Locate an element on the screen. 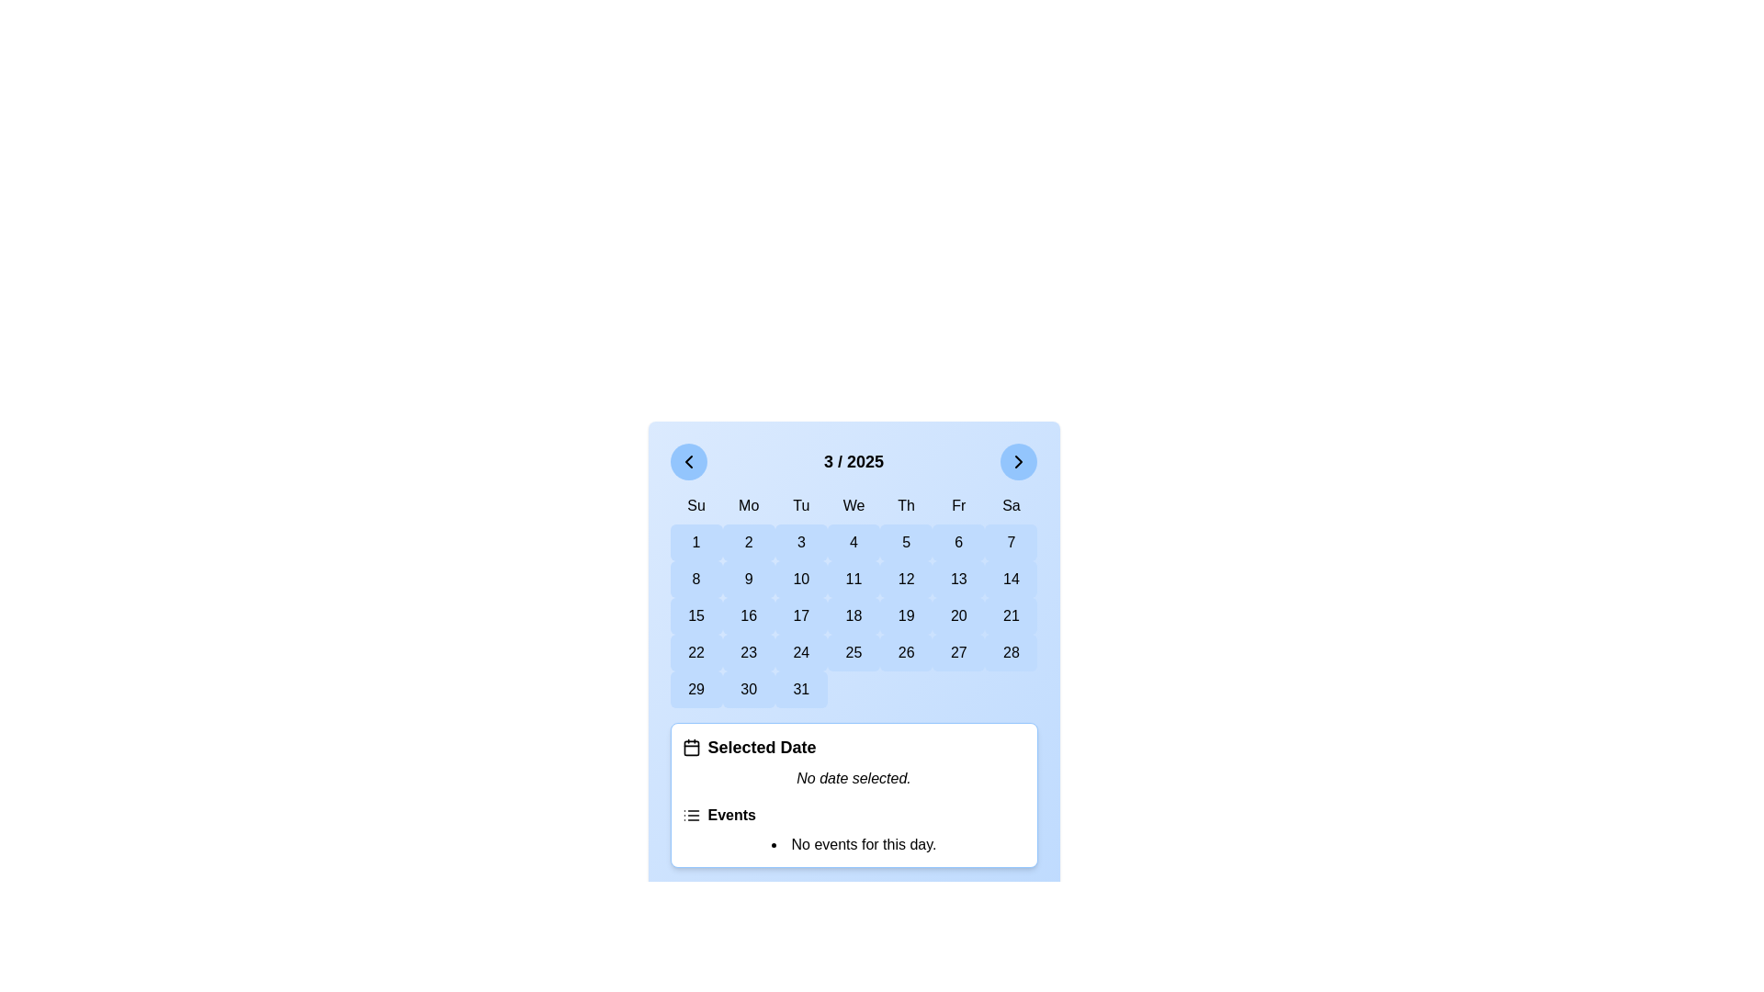  the rectangular light blue button displaying the number '31' in bold black text is located at coordinates (801, 690).